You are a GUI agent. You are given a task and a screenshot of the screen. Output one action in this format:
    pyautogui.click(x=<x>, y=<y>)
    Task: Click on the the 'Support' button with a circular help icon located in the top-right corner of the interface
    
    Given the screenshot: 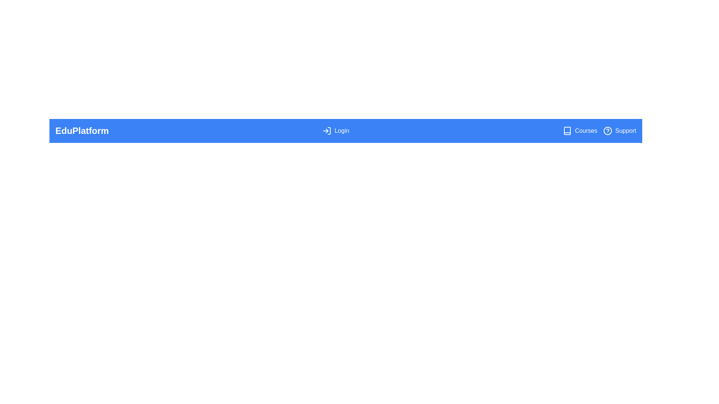 What is the action you would take?
    pyautogui.click(x=620, y=131)
    